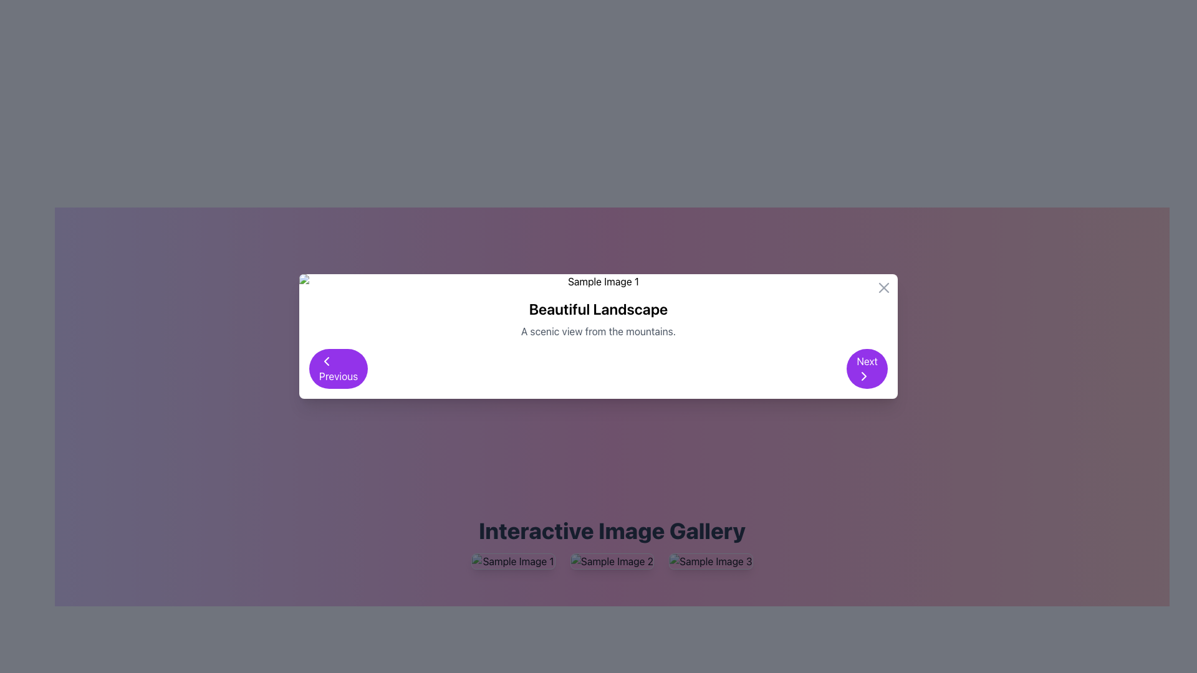 This screenshot has width=1197, height=673. Describe the element at coordinates (867, 368) in the screenshot. I see `the rounded purple 'Next' button with white text and a right-pointing arrow icon` at that location.